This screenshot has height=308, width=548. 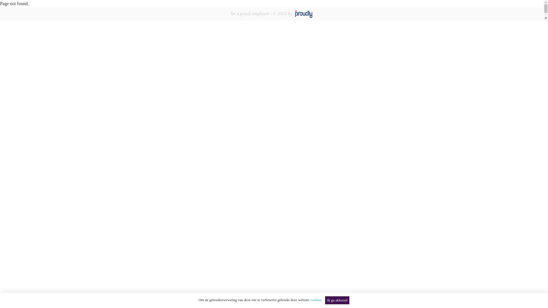 I want to click on 'cookies', so click(x=315, y=300).